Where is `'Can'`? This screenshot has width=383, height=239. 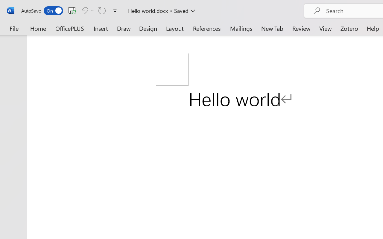 'Can' is located at coordinates (86, 10).